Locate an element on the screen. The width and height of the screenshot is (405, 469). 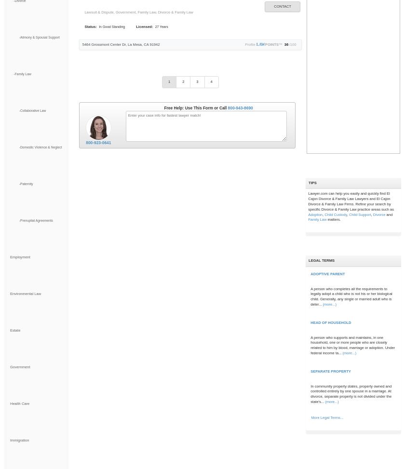
'Child Custody' is located at coordinates (336, 214).